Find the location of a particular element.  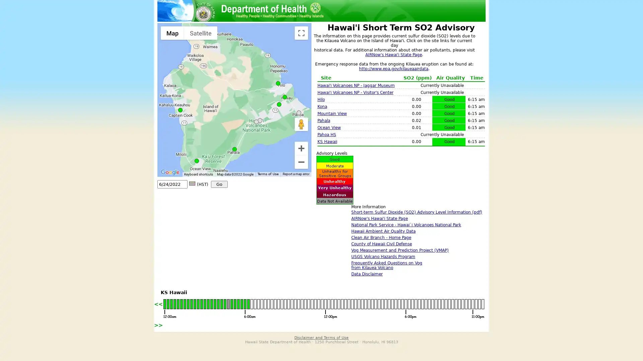

Keyboard shortcuts is located at coordinates (198, 174).